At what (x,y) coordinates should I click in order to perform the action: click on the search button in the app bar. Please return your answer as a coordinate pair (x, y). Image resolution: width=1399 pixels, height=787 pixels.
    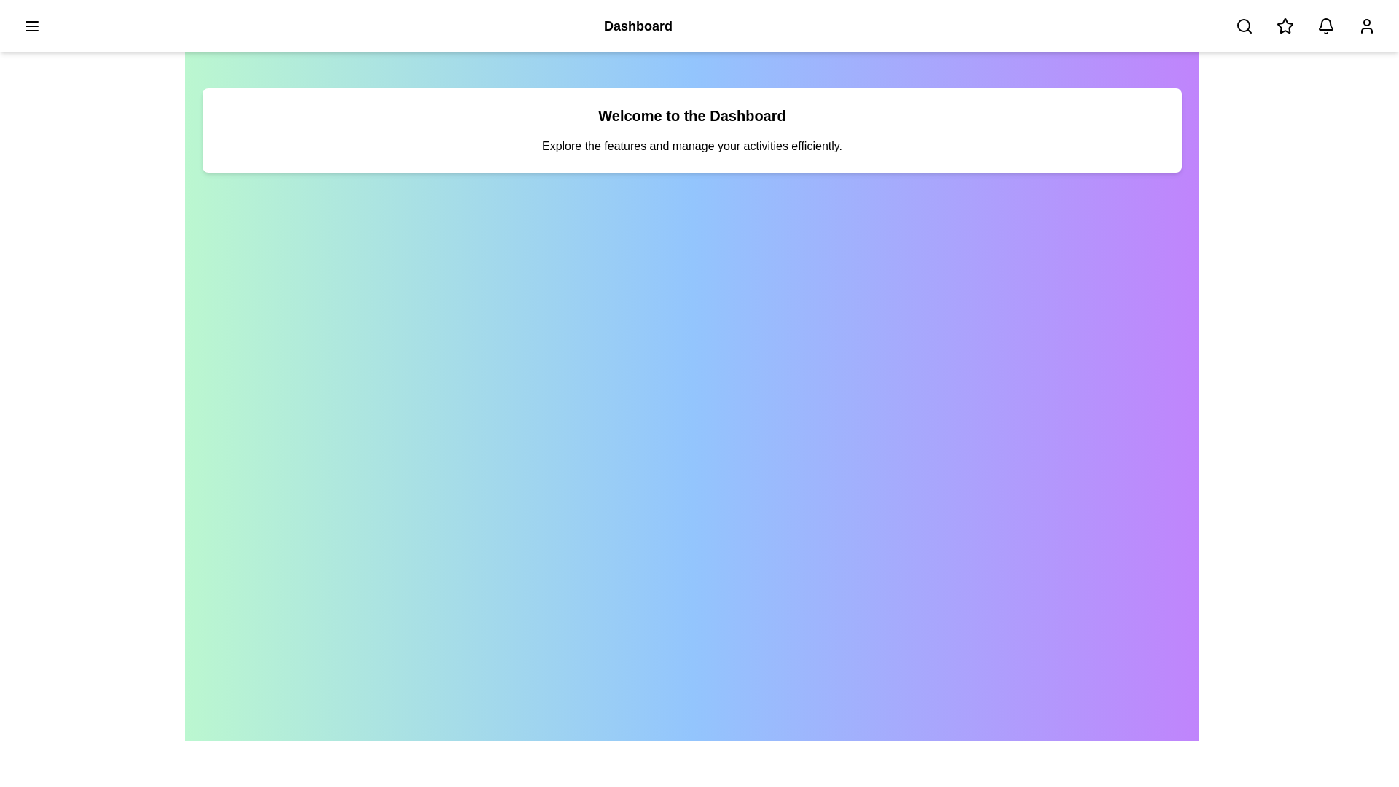
    Looking at the image, I should click on (1244, 26).